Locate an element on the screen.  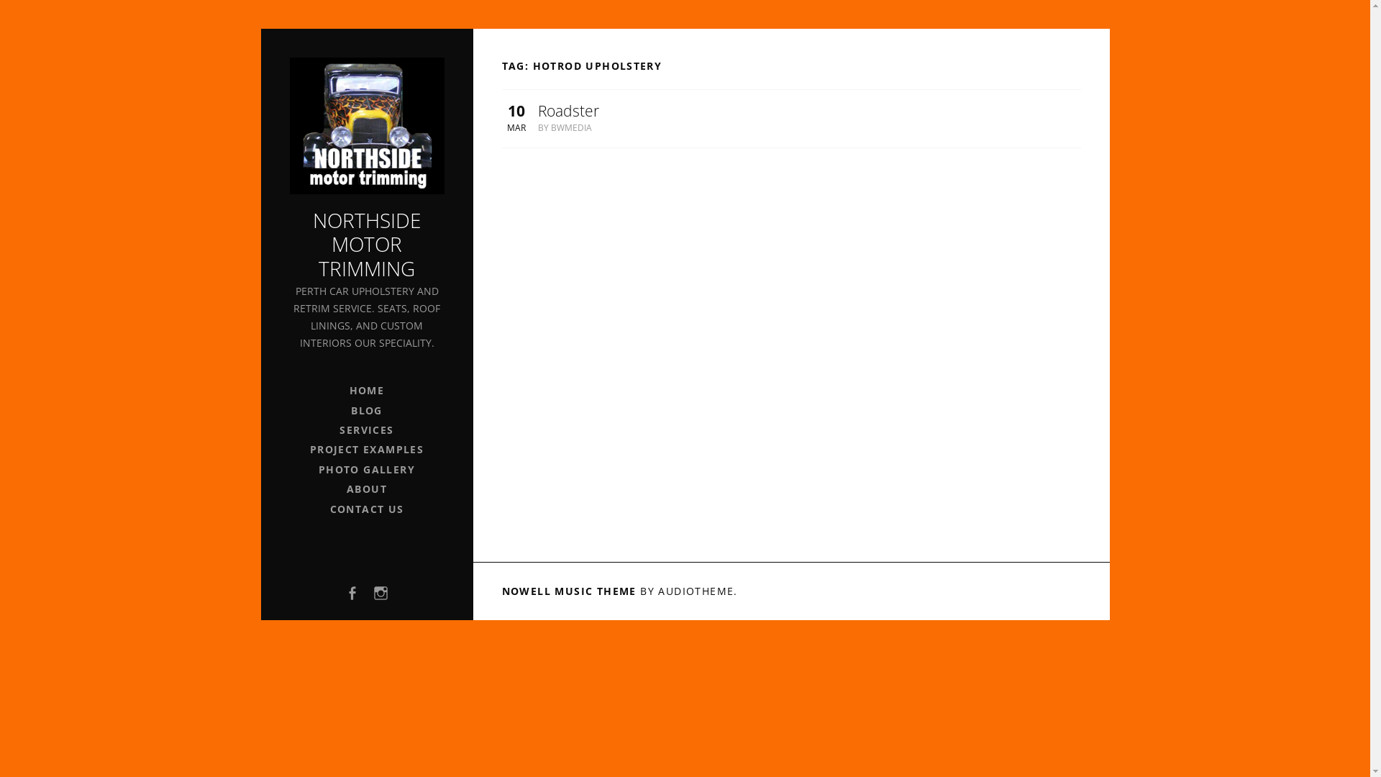
'INSTAGRAM' is located at coordinates (381, 593).